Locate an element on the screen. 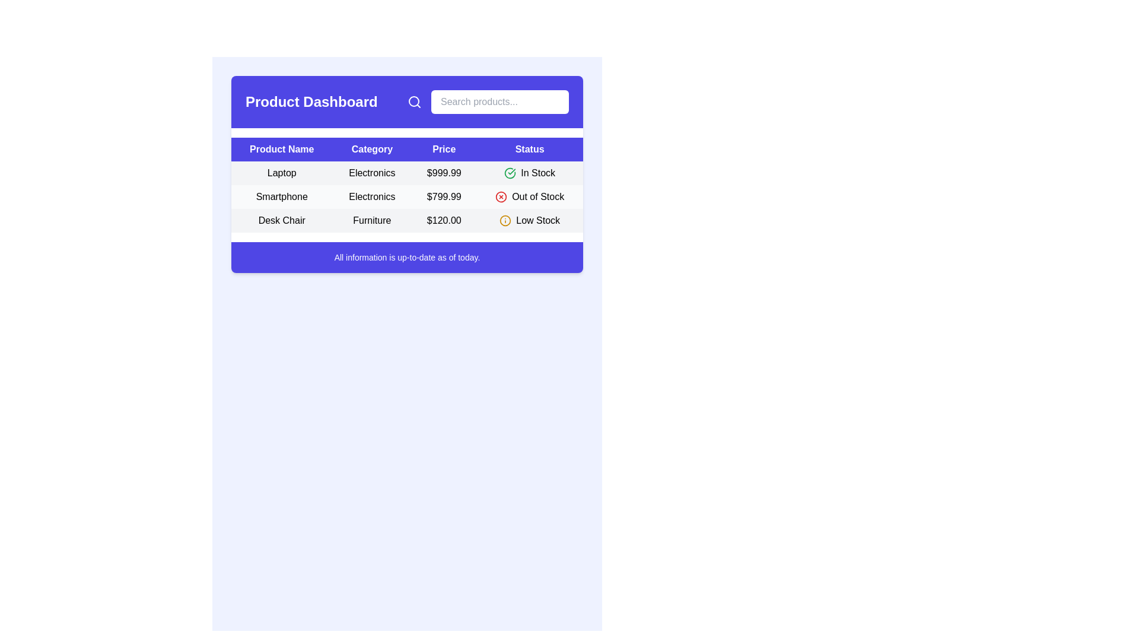 The image size is (1139, 641). the second row of the table that lists the product 'Smartphone', which includes details such as category, price, and stock status is located at coordinates (407, 196).